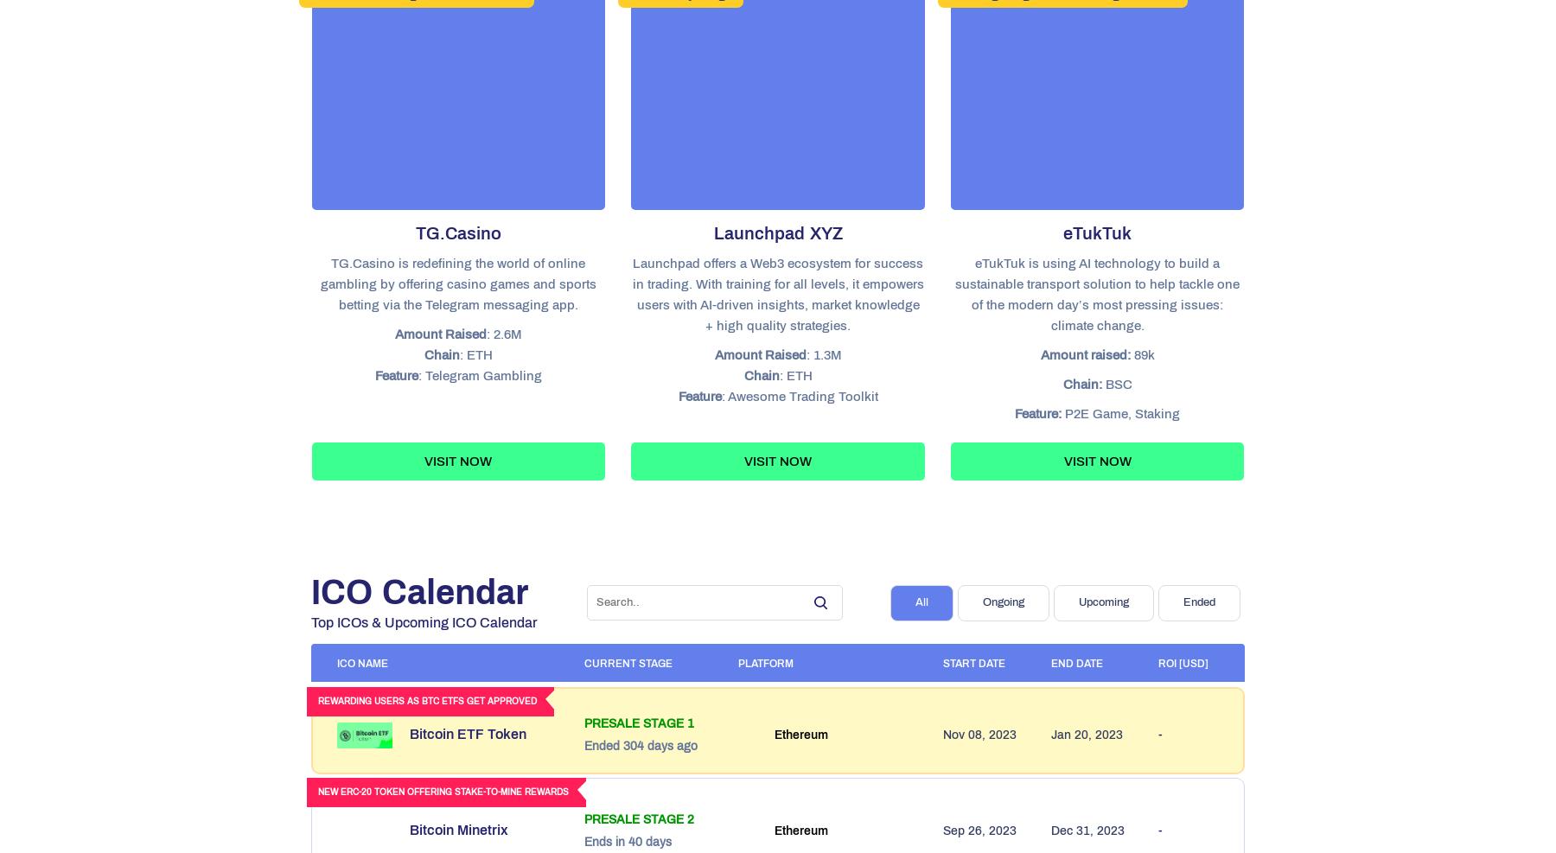  What do you see at coordinates (1078, 602) in the screenshot?
I see `'Upcoming'` at bounding box center [1078, 602].